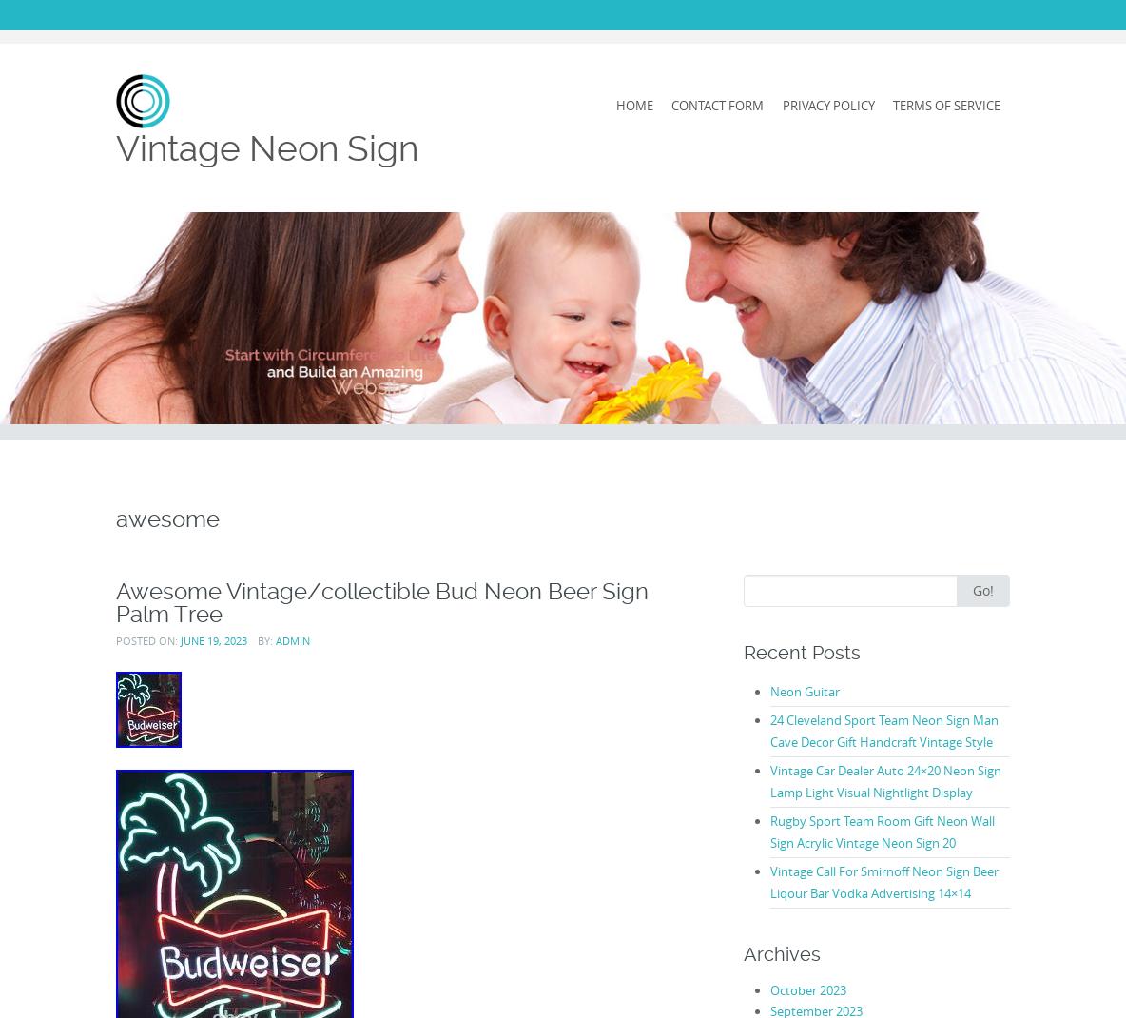 This screenshot has height=1018, width=1126. What do you see at coordinates (253, 639) in the screenshot?
I see `'by:'` at bounding box center [253, 639].